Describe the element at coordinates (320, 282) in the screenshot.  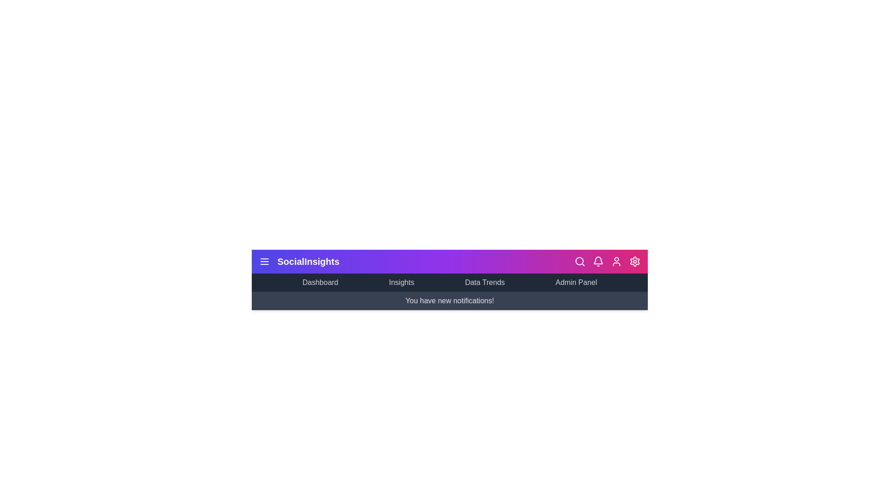
I see `the menu item Dashboard to see the hover effect` at that location.